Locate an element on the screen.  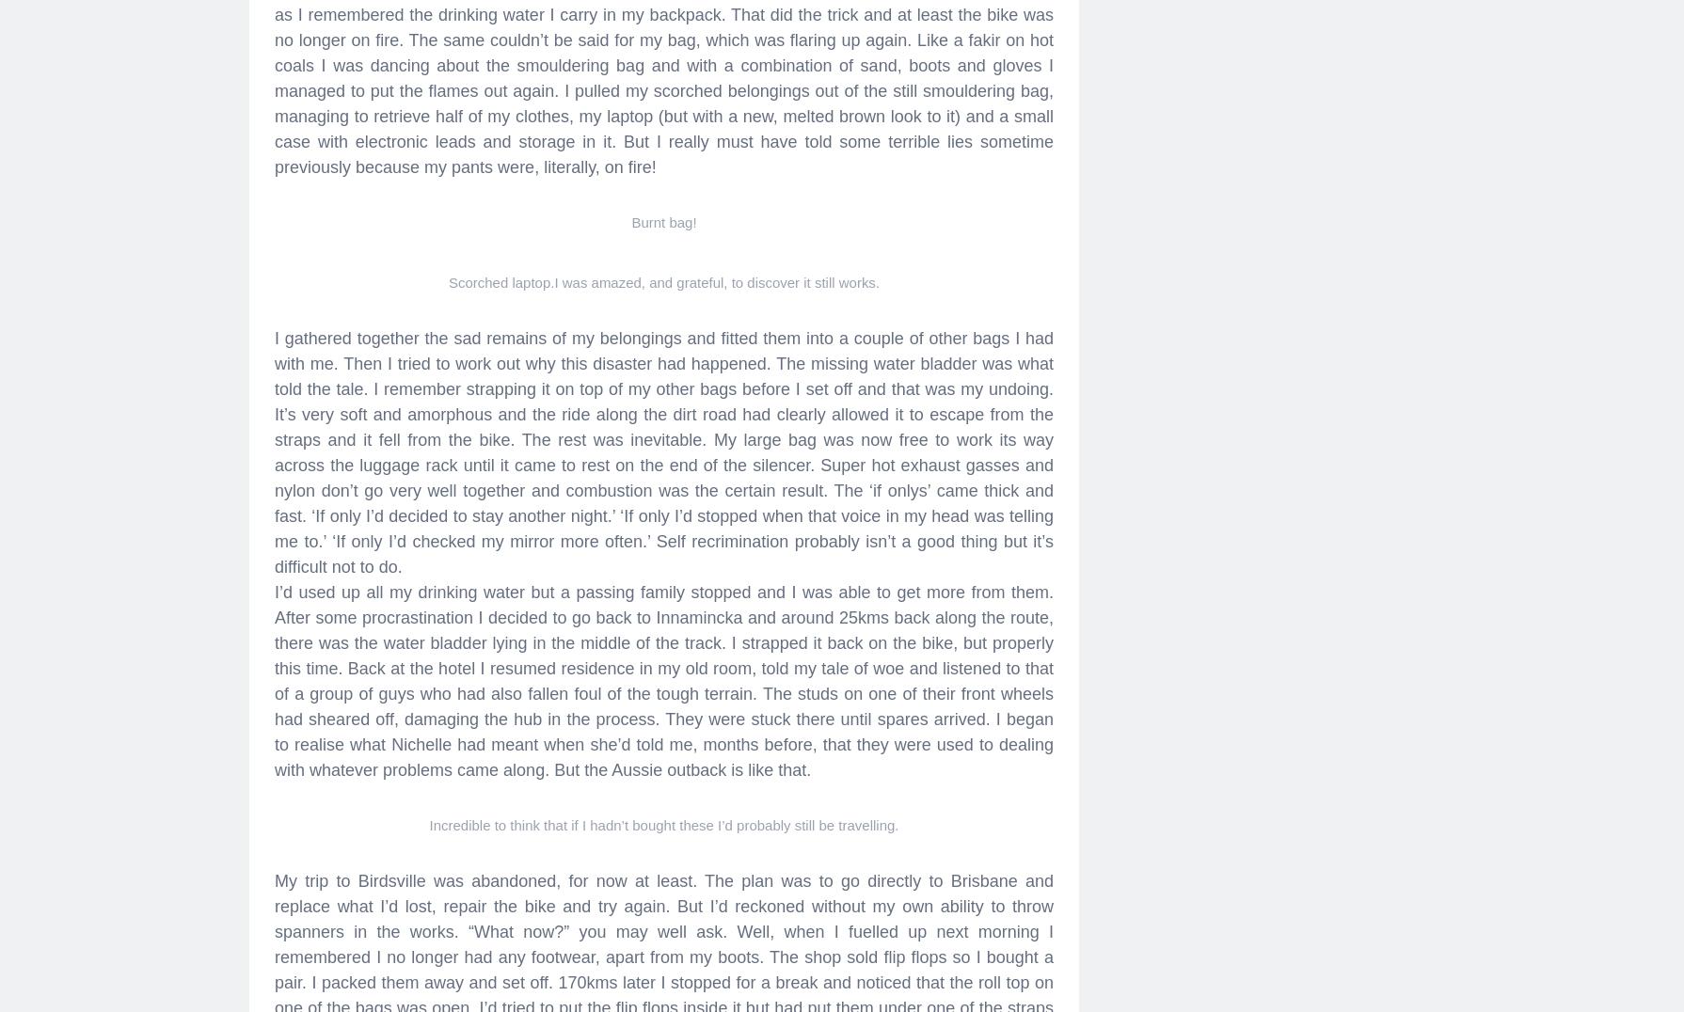
'“Stop now Geoff, you know you should. Look, there’s even some trees you could use to shelter from the sun.”' is located at coordinates (662, 164).